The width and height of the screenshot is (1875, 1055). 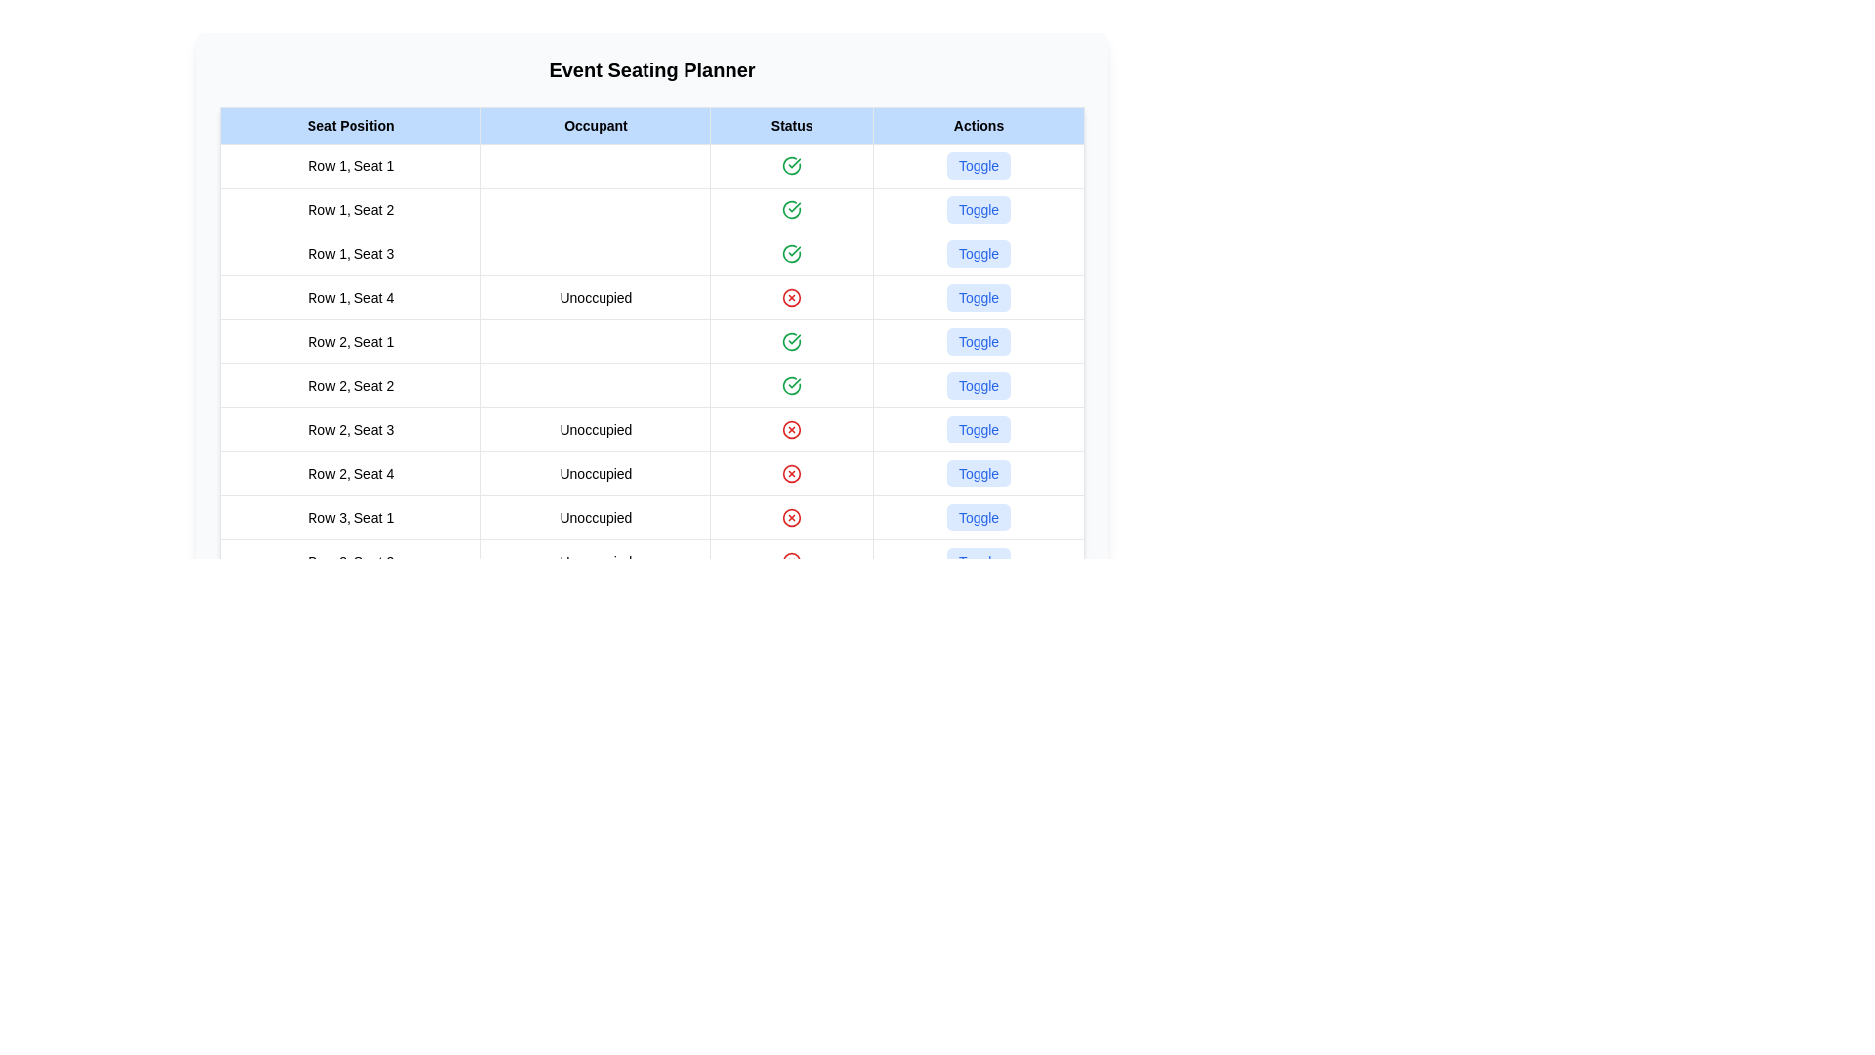 I want to click on the interactive button in the 'Actions' column of the table related to 'Row 1, Seat 4', so click(x=979, y=297).